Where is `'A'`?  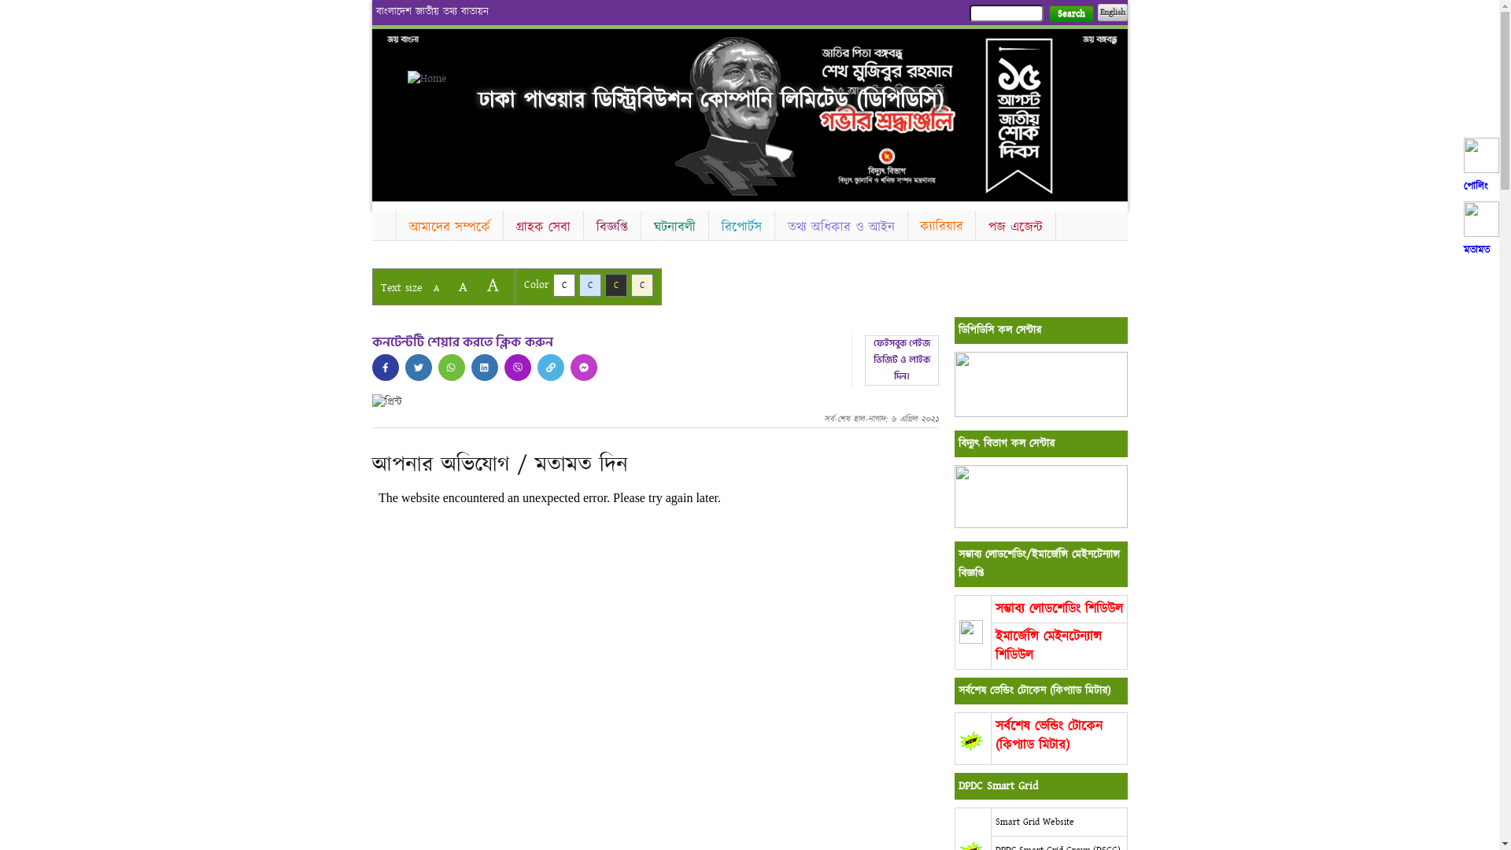 'A' is located at coordinates (491, 285).